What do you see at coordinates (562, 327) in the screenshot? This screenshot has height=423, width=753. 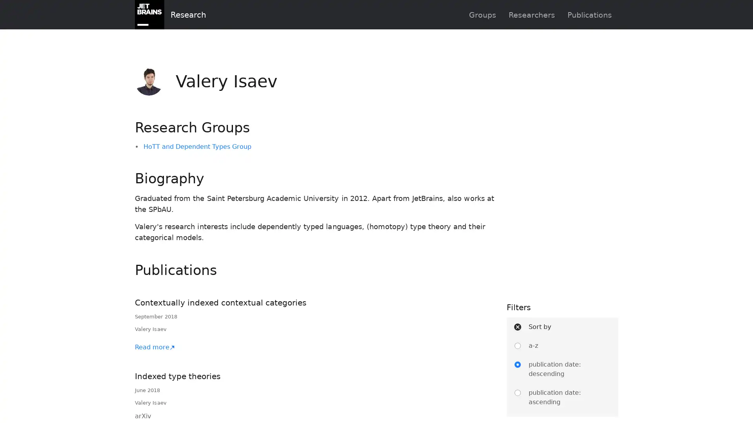 I see `Sort by` at bounding box center [562, 327].